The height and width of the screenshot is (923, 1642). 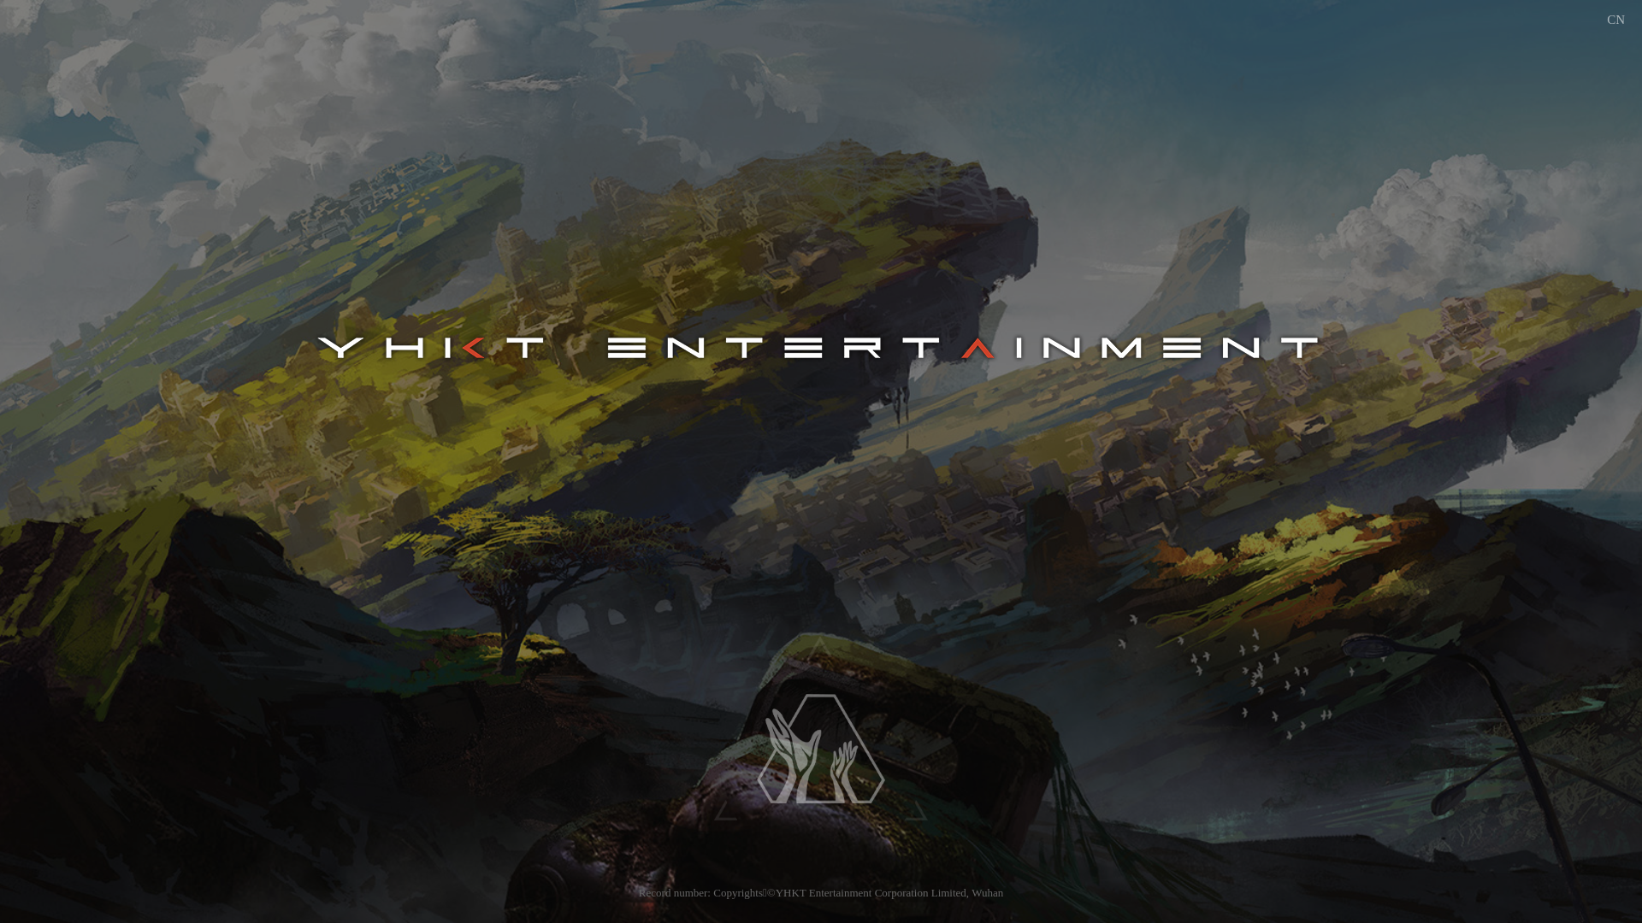 What do you see at coordinates (1615, 20) in the screenshot?
I see `'CN'` at bounding box center [1615, 20].